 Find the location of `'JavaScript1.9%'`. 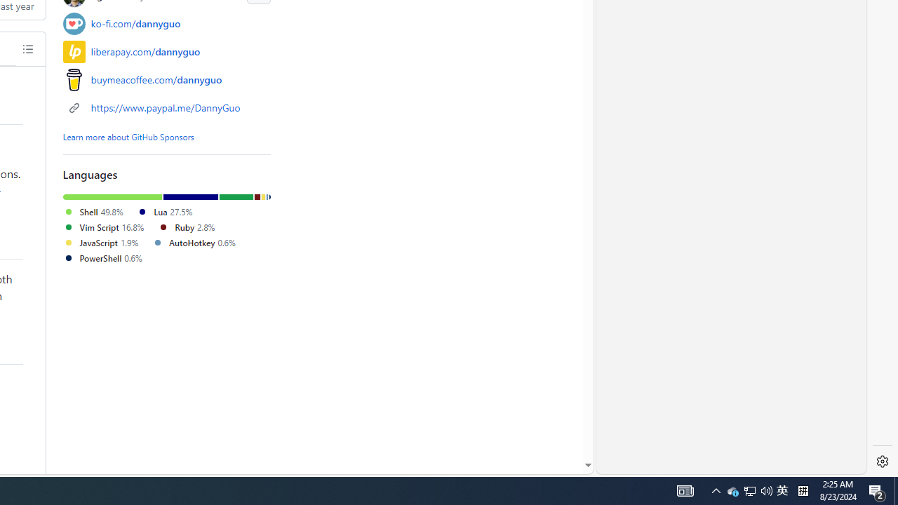

'JavaScript1.9%' is located at coordinates (107, 243).